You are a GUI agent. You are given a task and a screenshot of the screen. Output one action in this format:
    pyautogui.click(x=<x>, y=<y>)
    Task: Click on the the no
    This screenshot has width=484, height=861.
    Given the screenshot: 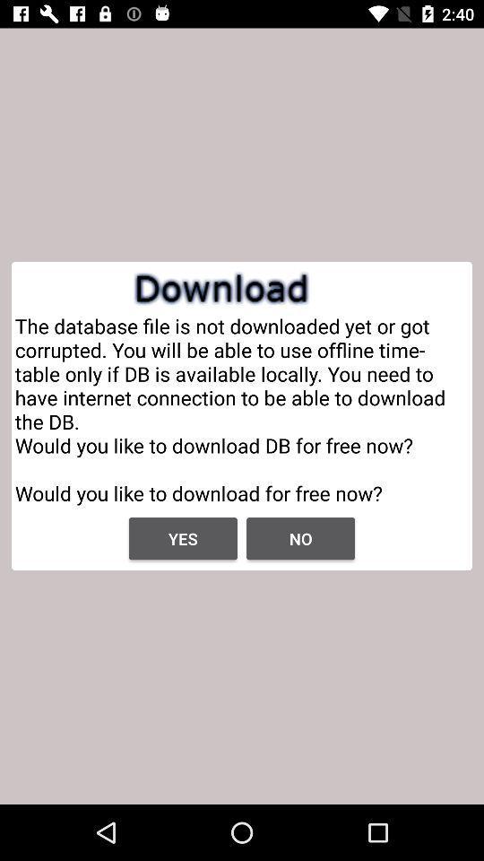 What is the action you would take?
    pyautogui.click(x=300, y=538)
    